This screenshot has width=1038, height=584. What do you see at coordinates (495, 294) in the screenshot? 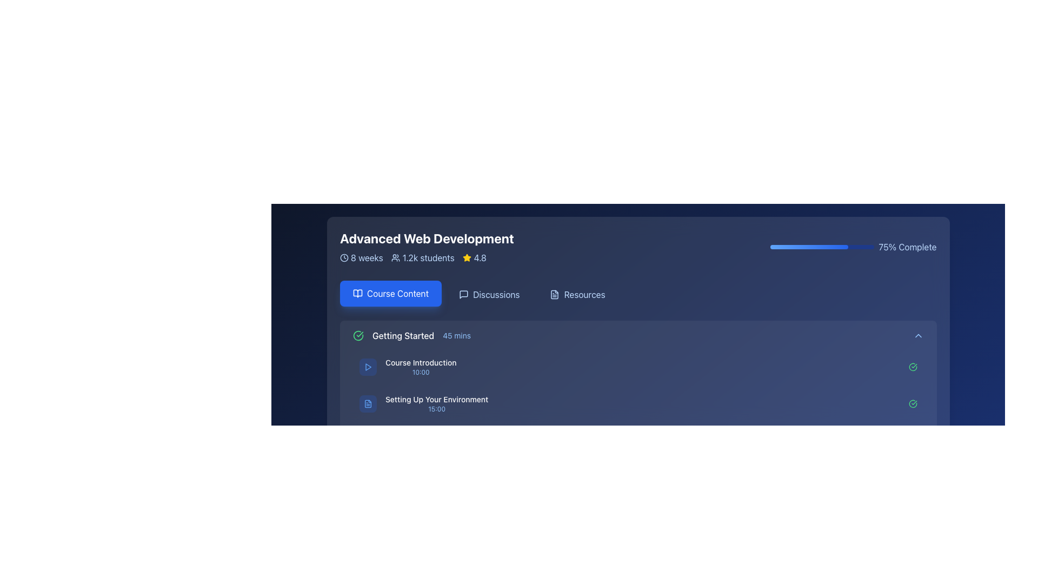
I see `the 'Discussions' text label located in the second position of the horizontal menu bar` at bounding box center [495, 294].